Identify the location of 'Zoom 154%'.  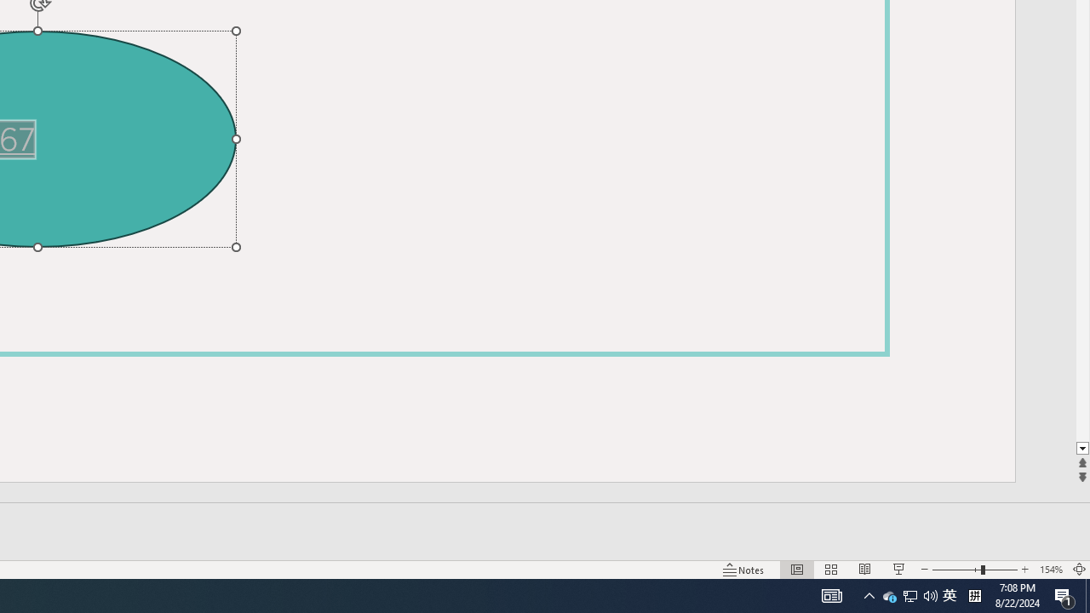
(1050, 570).